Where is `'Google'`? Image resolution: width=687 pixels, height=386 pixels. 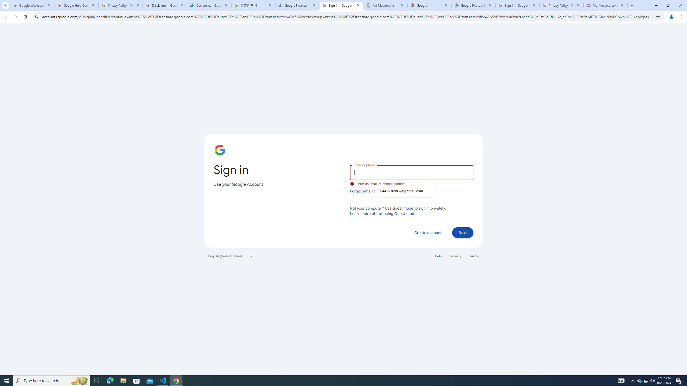 'Google' is located at coordinates (429, 5).